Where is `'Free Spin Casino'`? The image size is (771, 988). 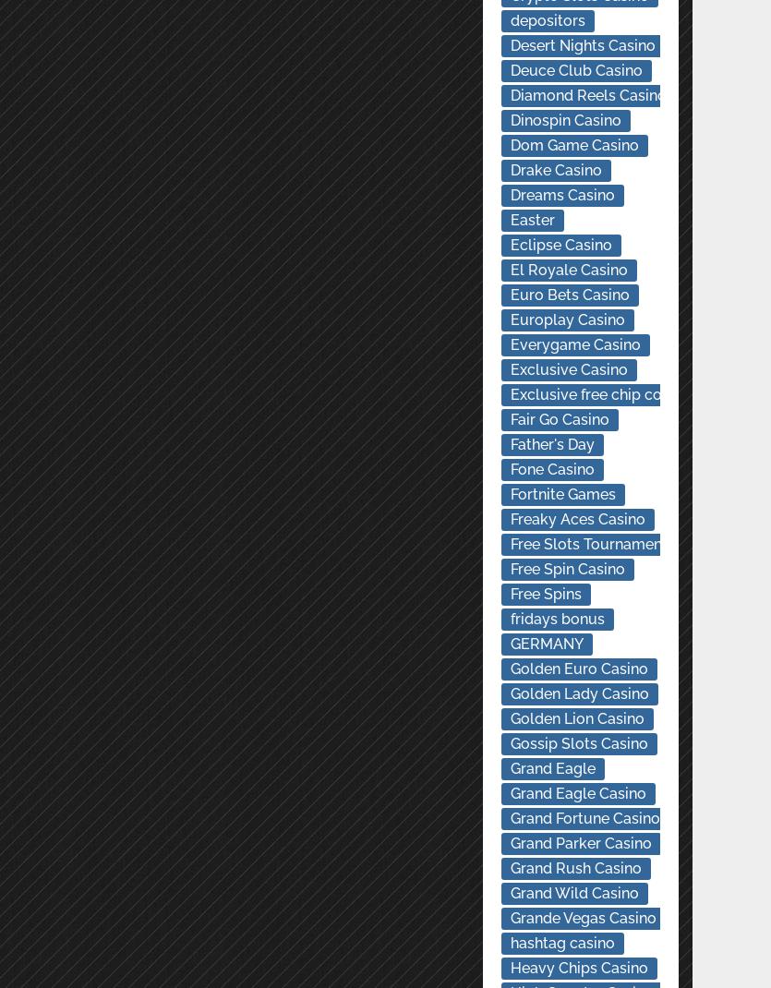
'Free Spin Casino' is located at coordinates (565, 568).